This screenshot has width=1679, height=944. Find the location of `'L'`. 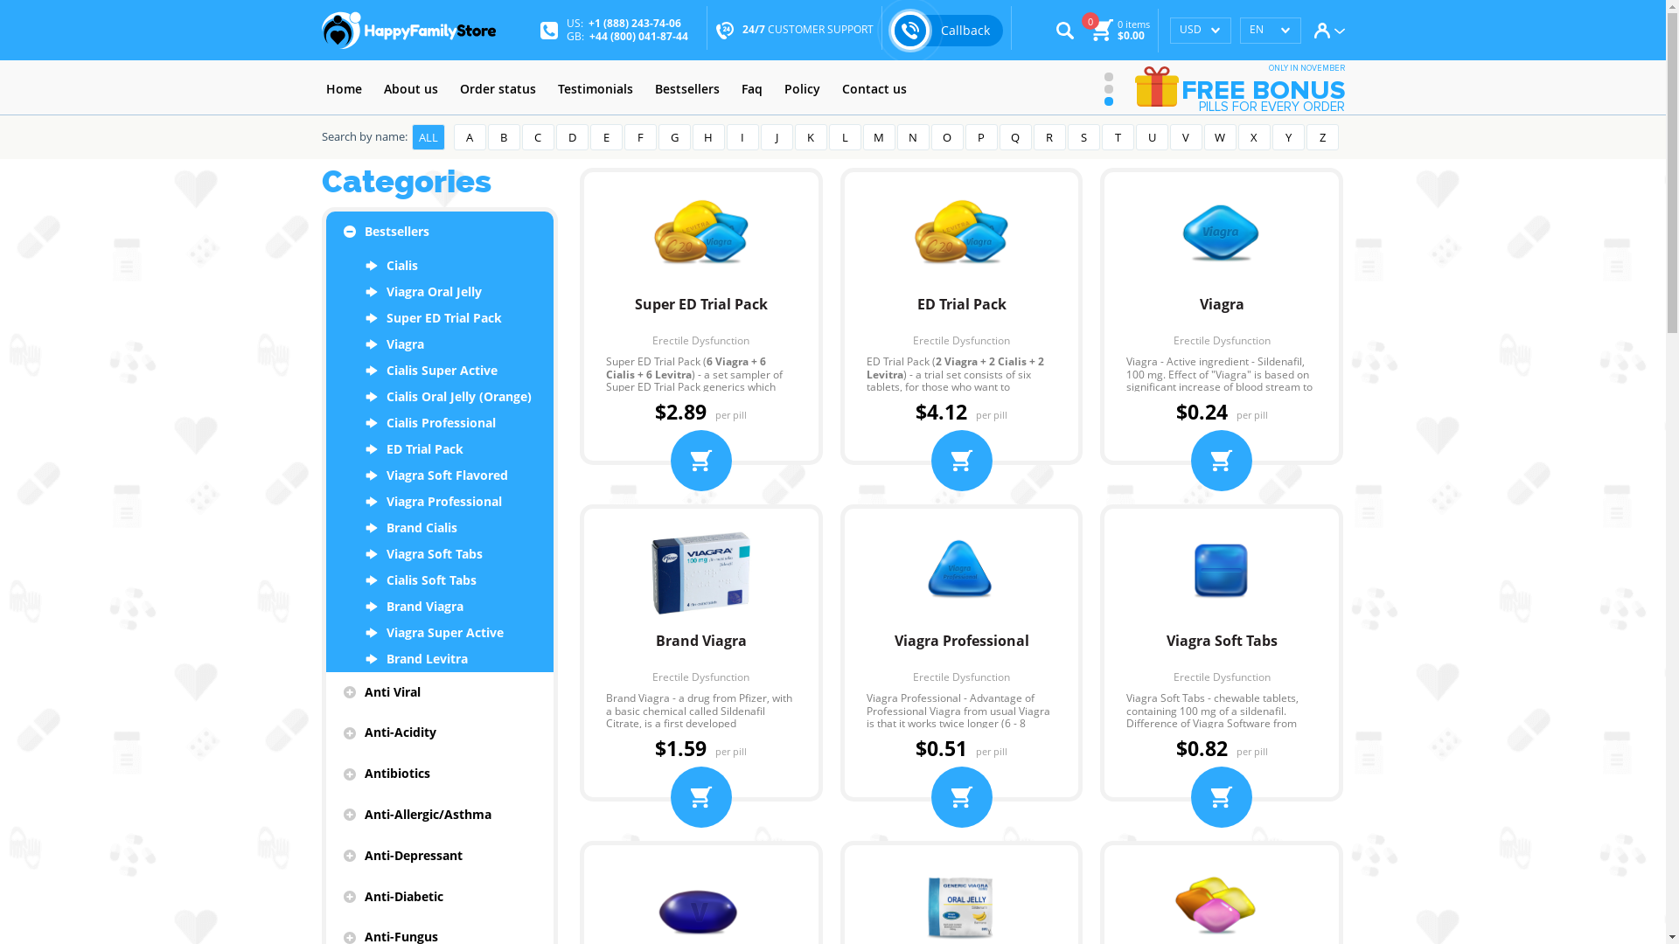

'L' is located at coordinates (845, 136).